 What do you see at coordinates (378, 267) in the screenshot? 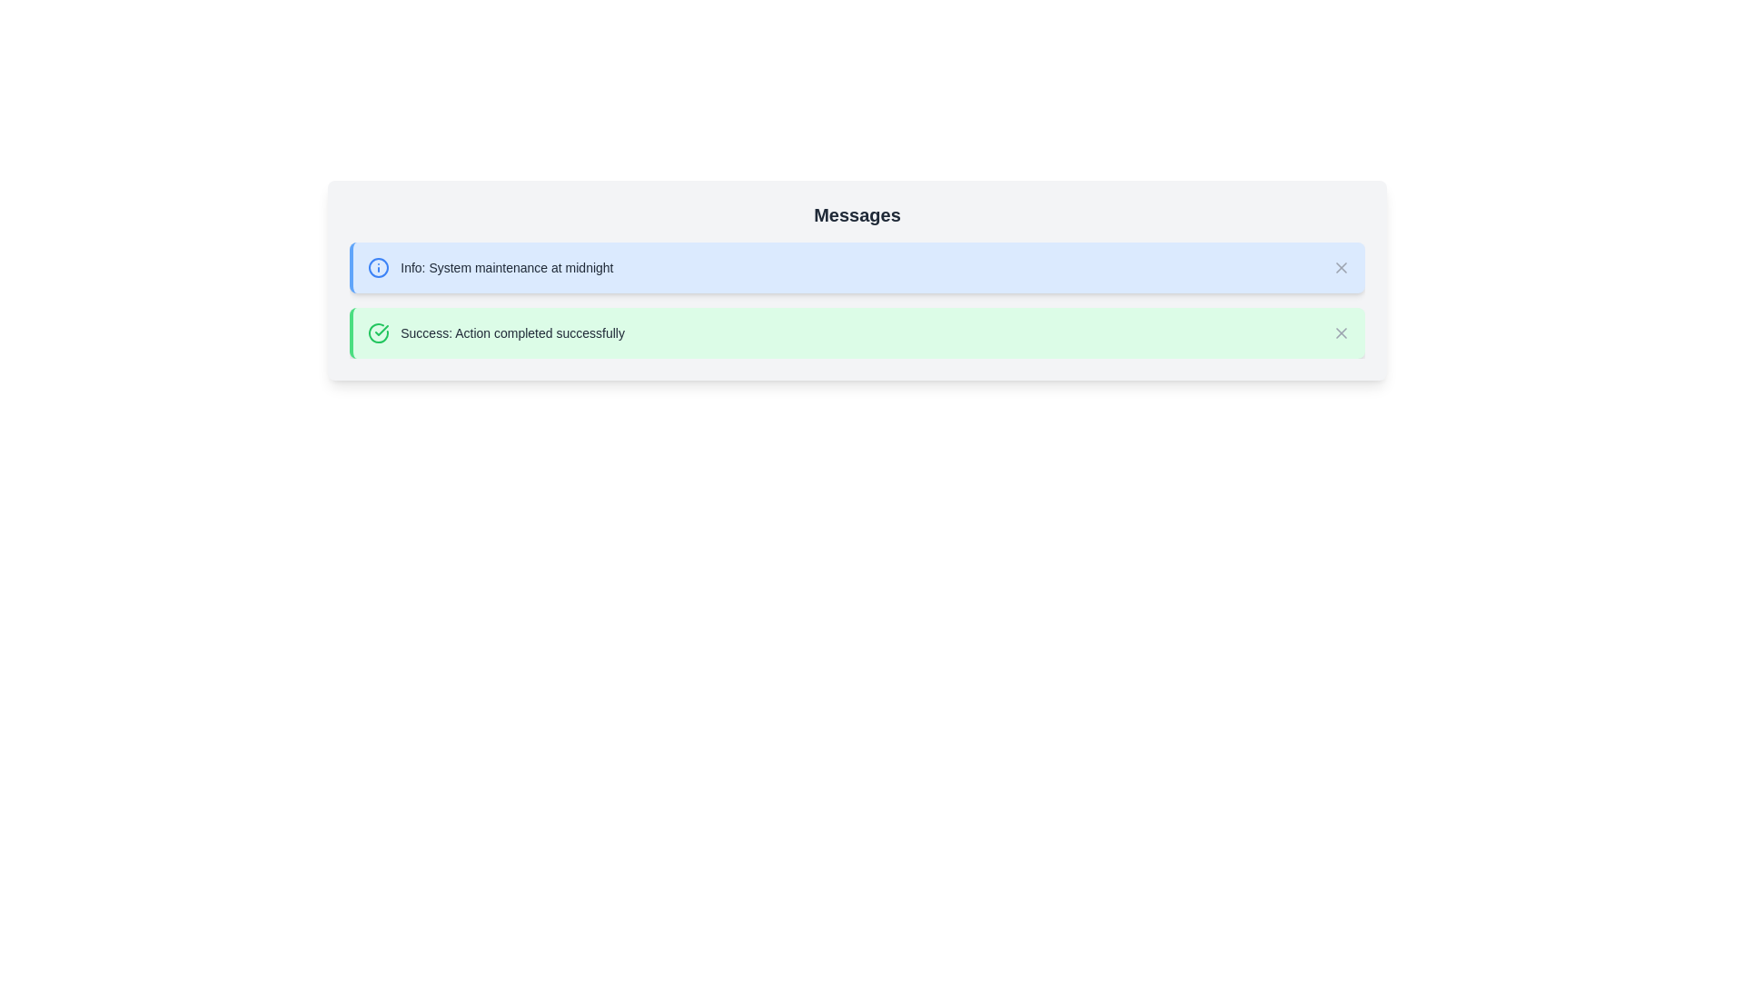
I see `the 'Info' icon located on the left side of the blue-themed information box labeled 'Info: System maintenance at midnight' to acknowledge the informational message` at bounding box center [378, 267].